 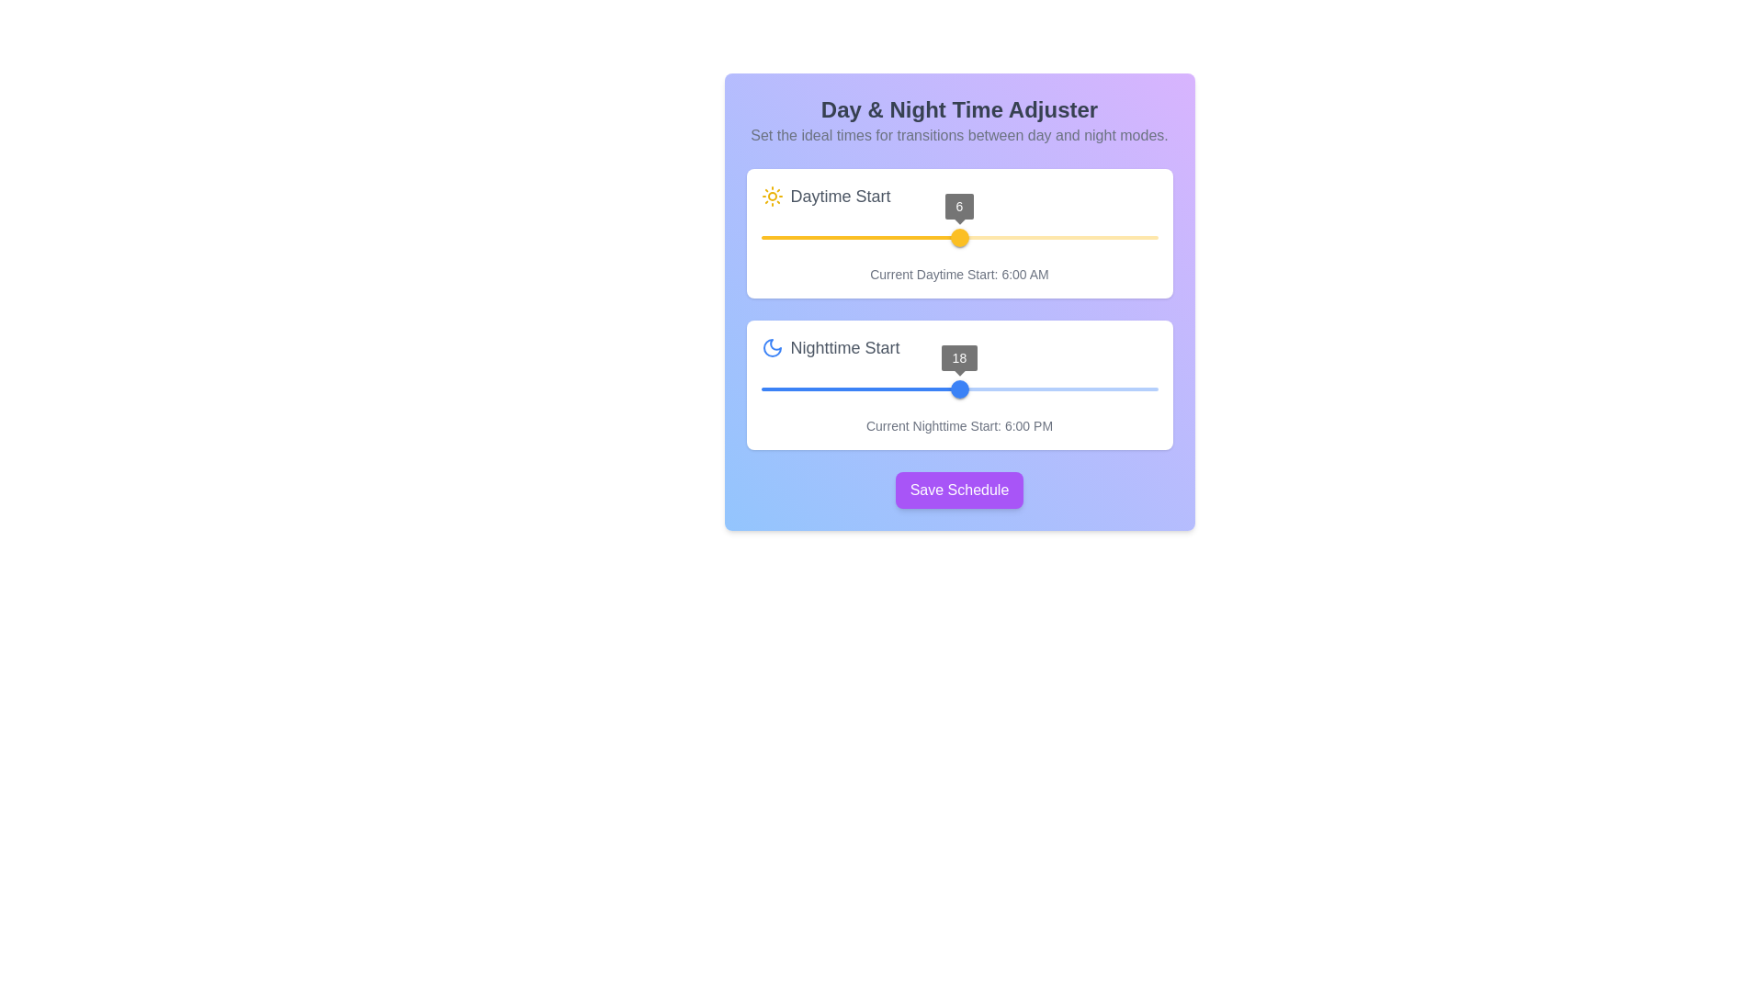 What do you see at coordinates (975, 236) in the screenshot?
I see `the daytime start` at bounding box center [975, 236].